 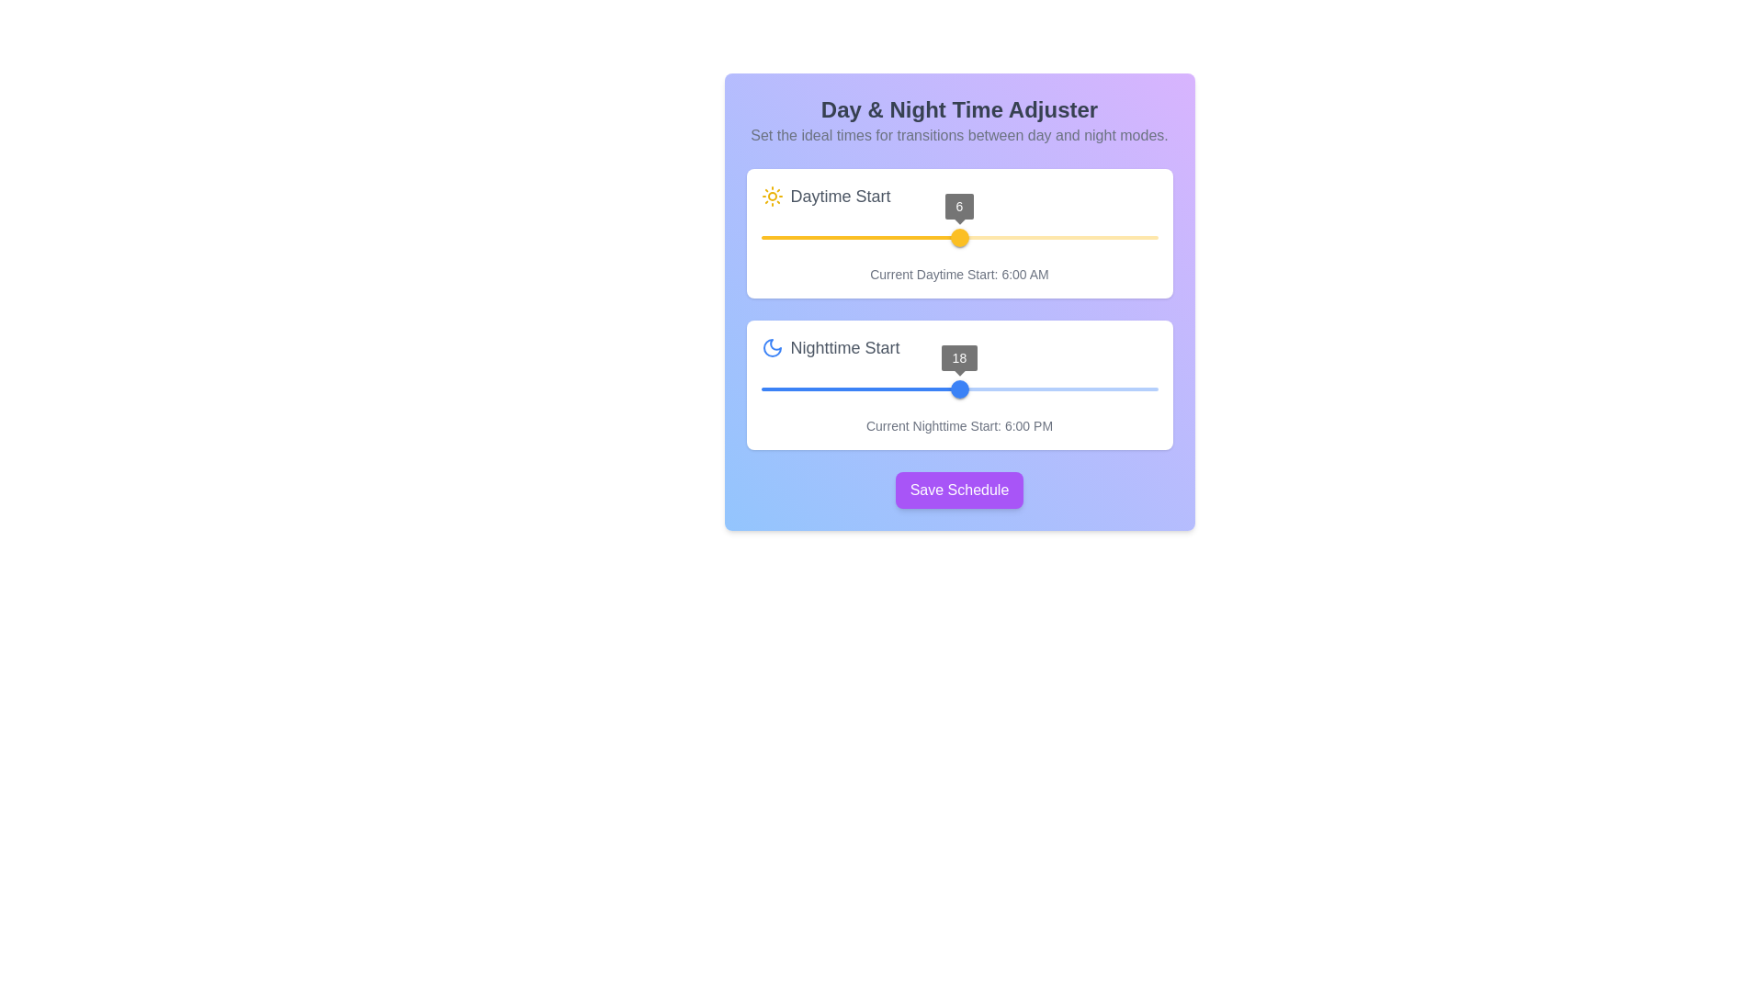 What do you see at coordinates (975, 236) in the screenshot?
I see `the daytime start` at bounding box center [975, 236].